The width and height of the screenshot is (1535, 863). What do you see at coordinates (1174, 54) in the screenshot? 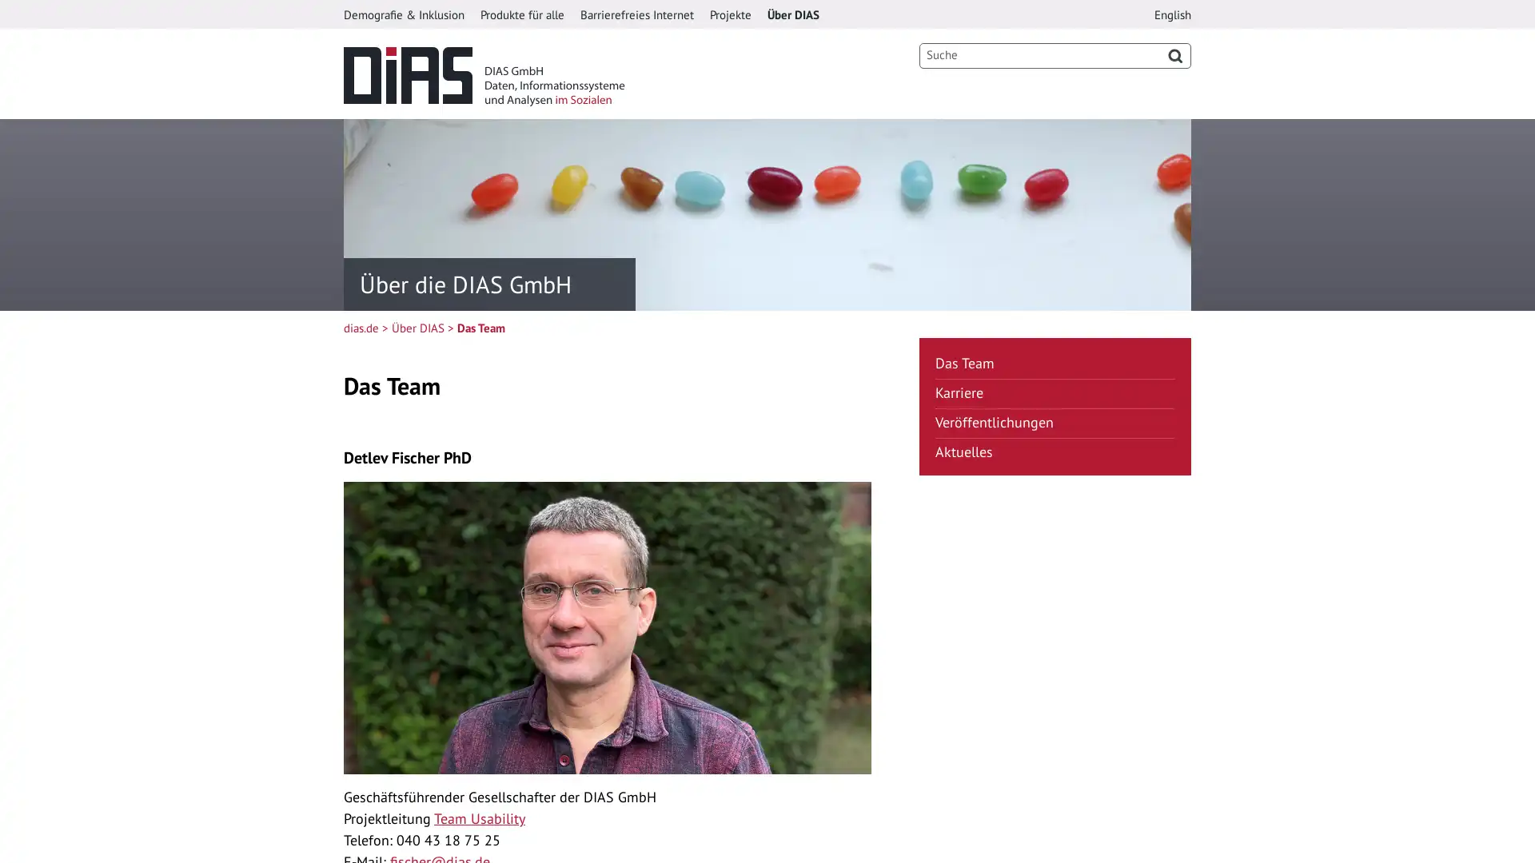
I see `Suche starten` at bounding box center [1174, 54].